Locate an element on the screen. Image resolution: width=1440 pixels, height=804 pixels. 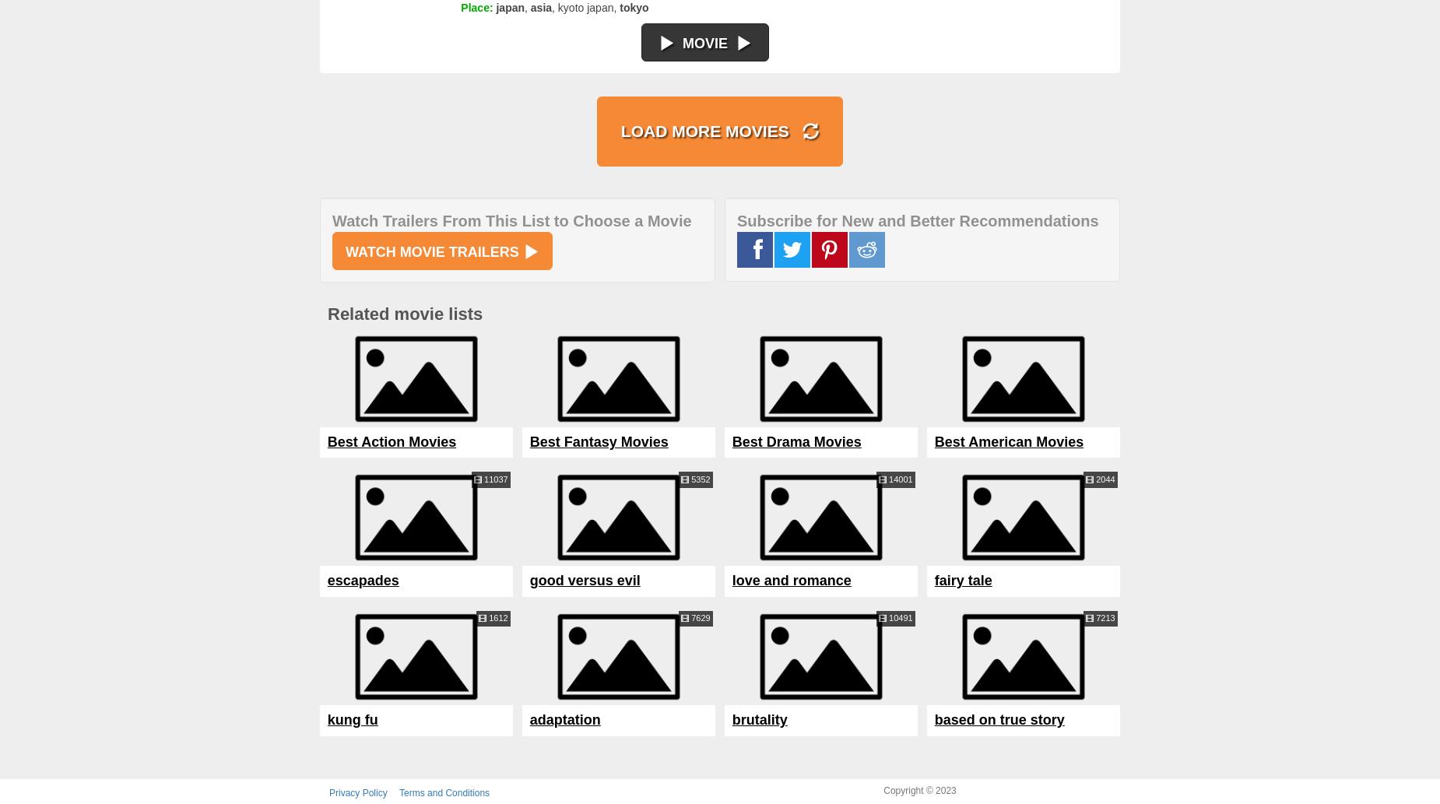
'Best American Movies' is located at coordinates (1007, 441).